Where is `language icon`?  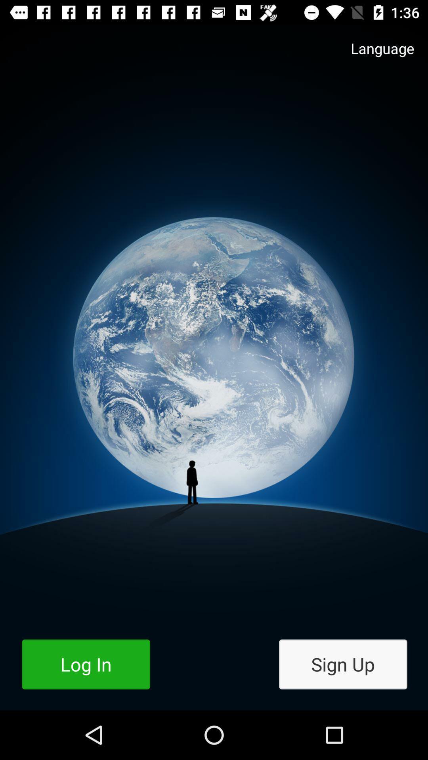 language icon is located at coordinates (374, 56).